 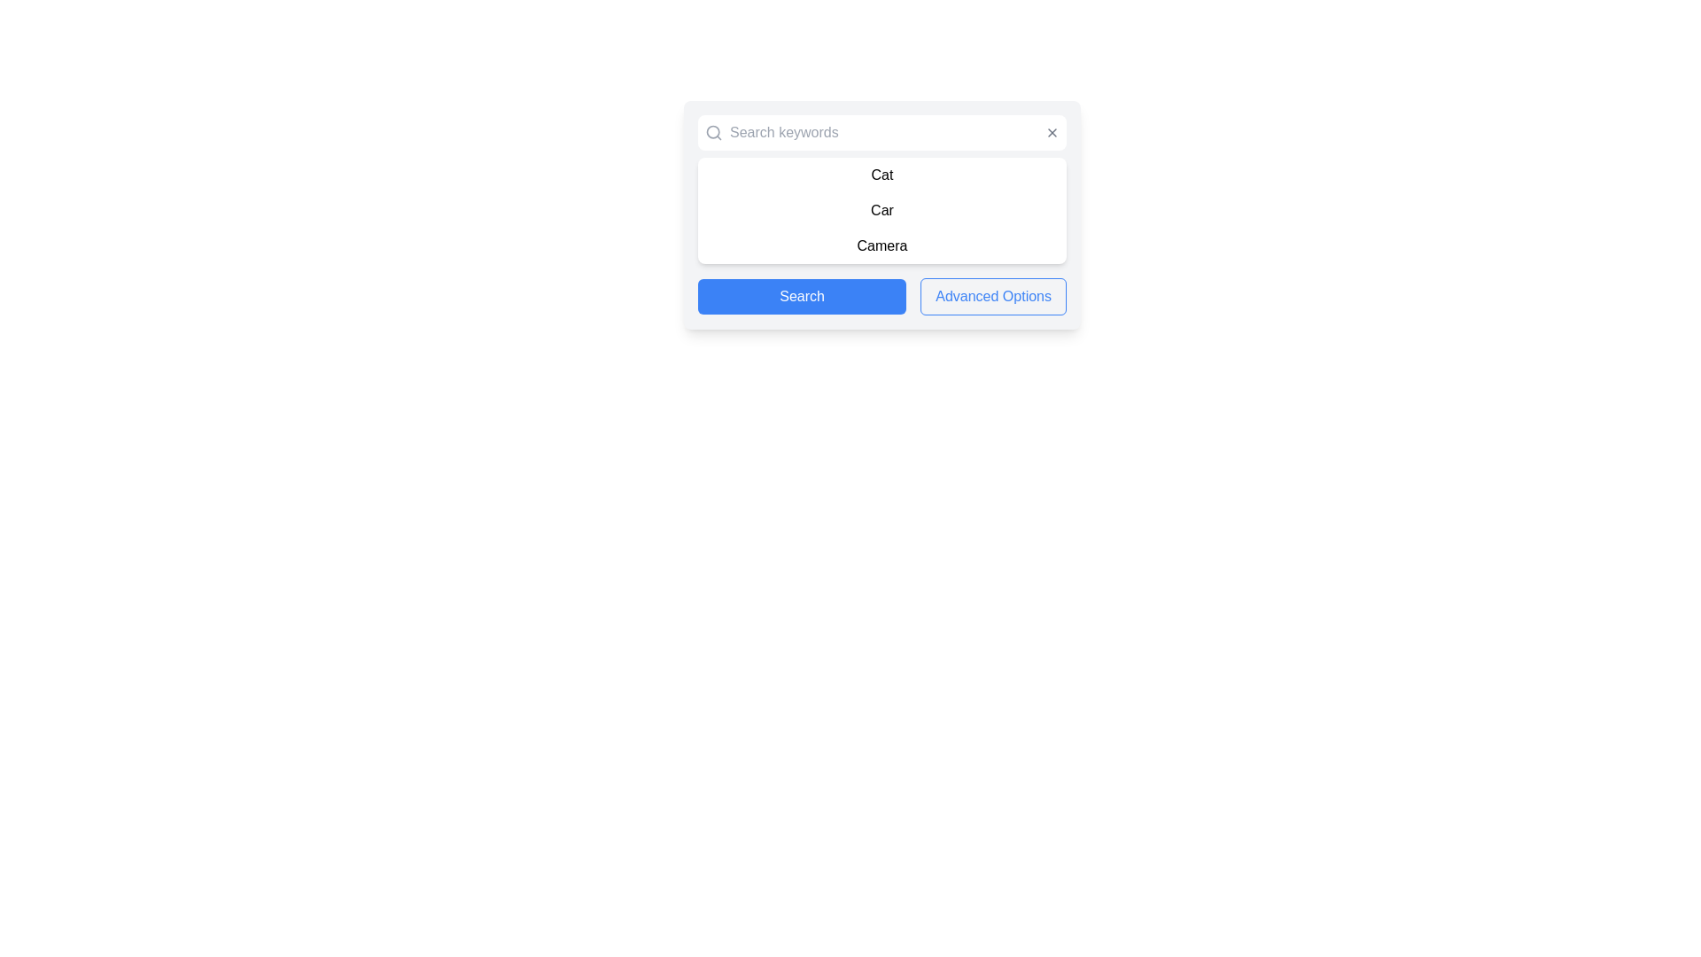 What do you see at coordinates (882, 175) in the screenshot?
I see `the first selectable list item labeled 'Cat' in the dropdown or list` at bounding box center [882, 175].